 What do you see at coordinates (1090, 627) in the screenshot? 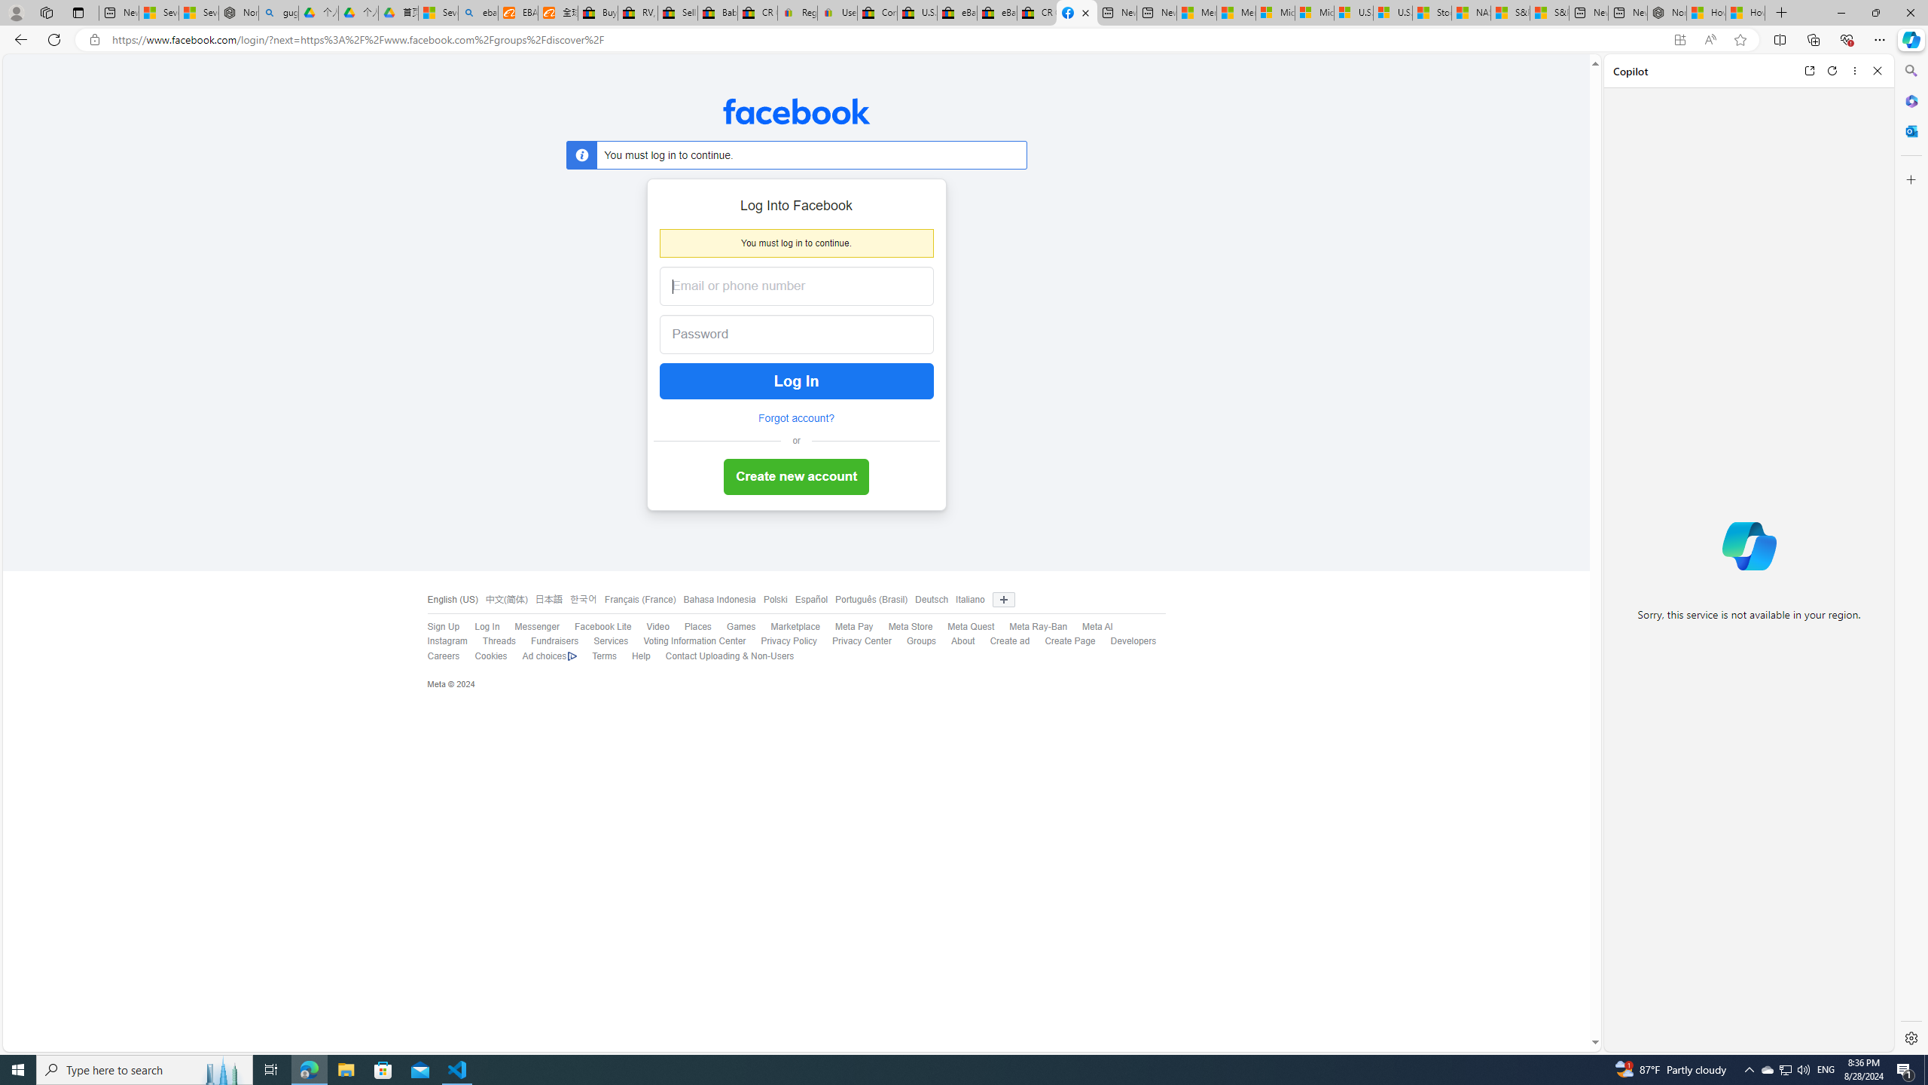
I see `'Meta AI'` at bounding box center [1090, 627].